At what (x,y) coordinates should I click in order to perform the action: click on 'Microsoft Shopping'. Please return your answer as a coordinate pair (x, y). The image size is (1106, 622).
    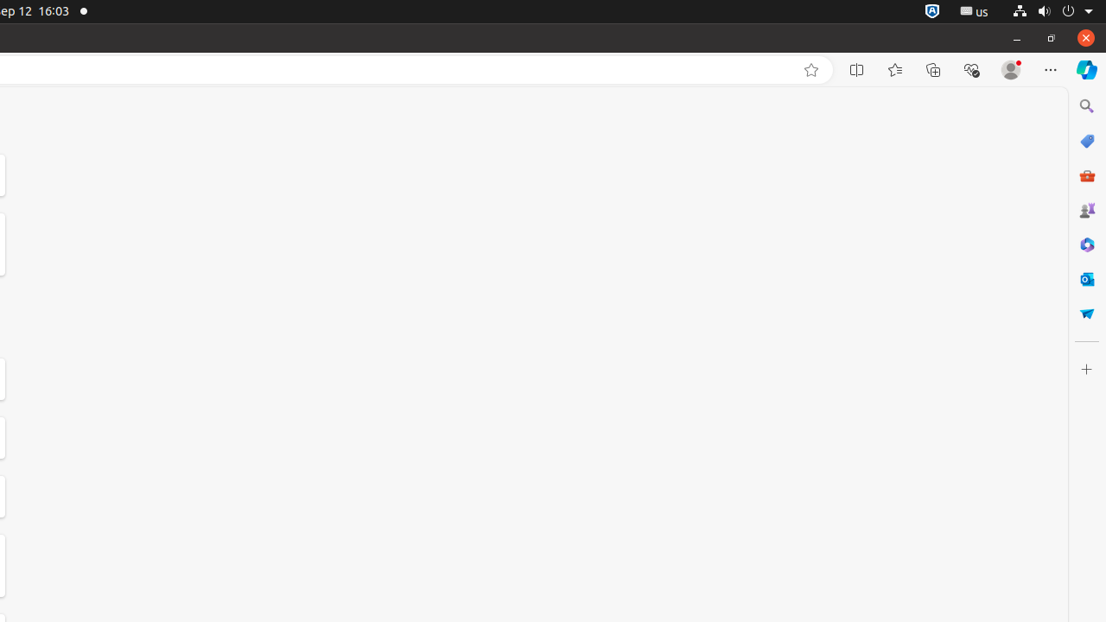
    Looking at the image, I should click on (1085, 140).